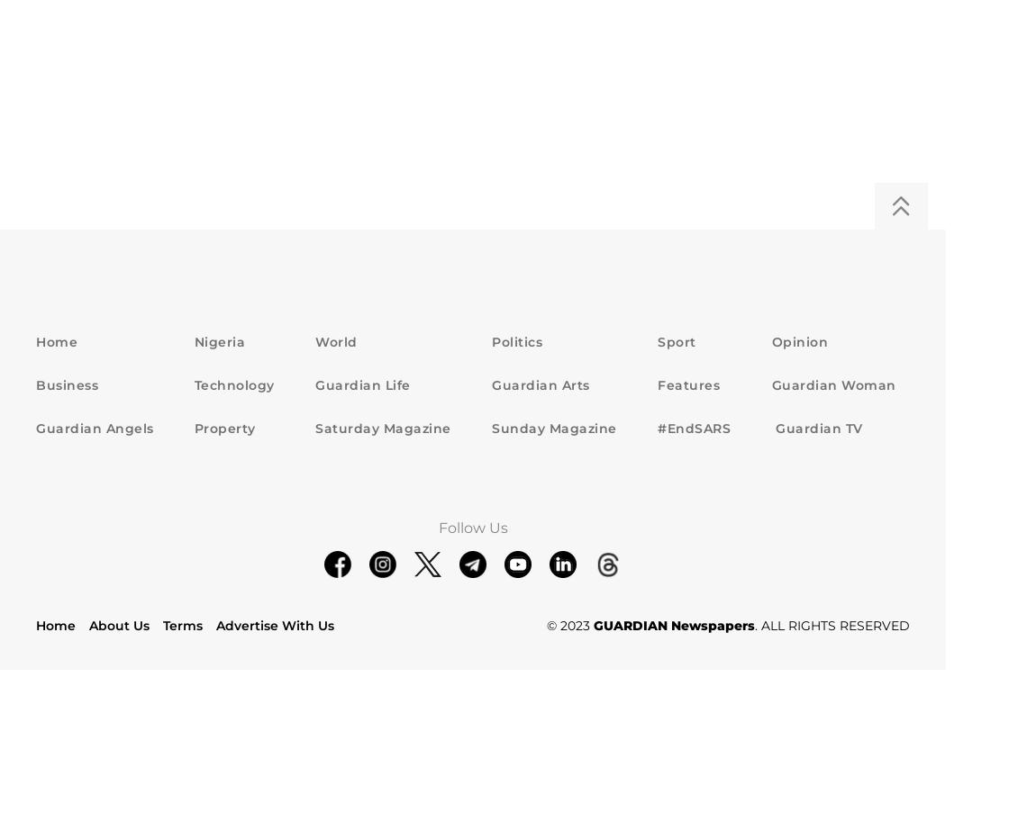 This screenshot has height=822, width=1018. Describe the element at coordinates (674, 624) in the screenshot. I see `'GUARDIAN Newspapers'` at that location.